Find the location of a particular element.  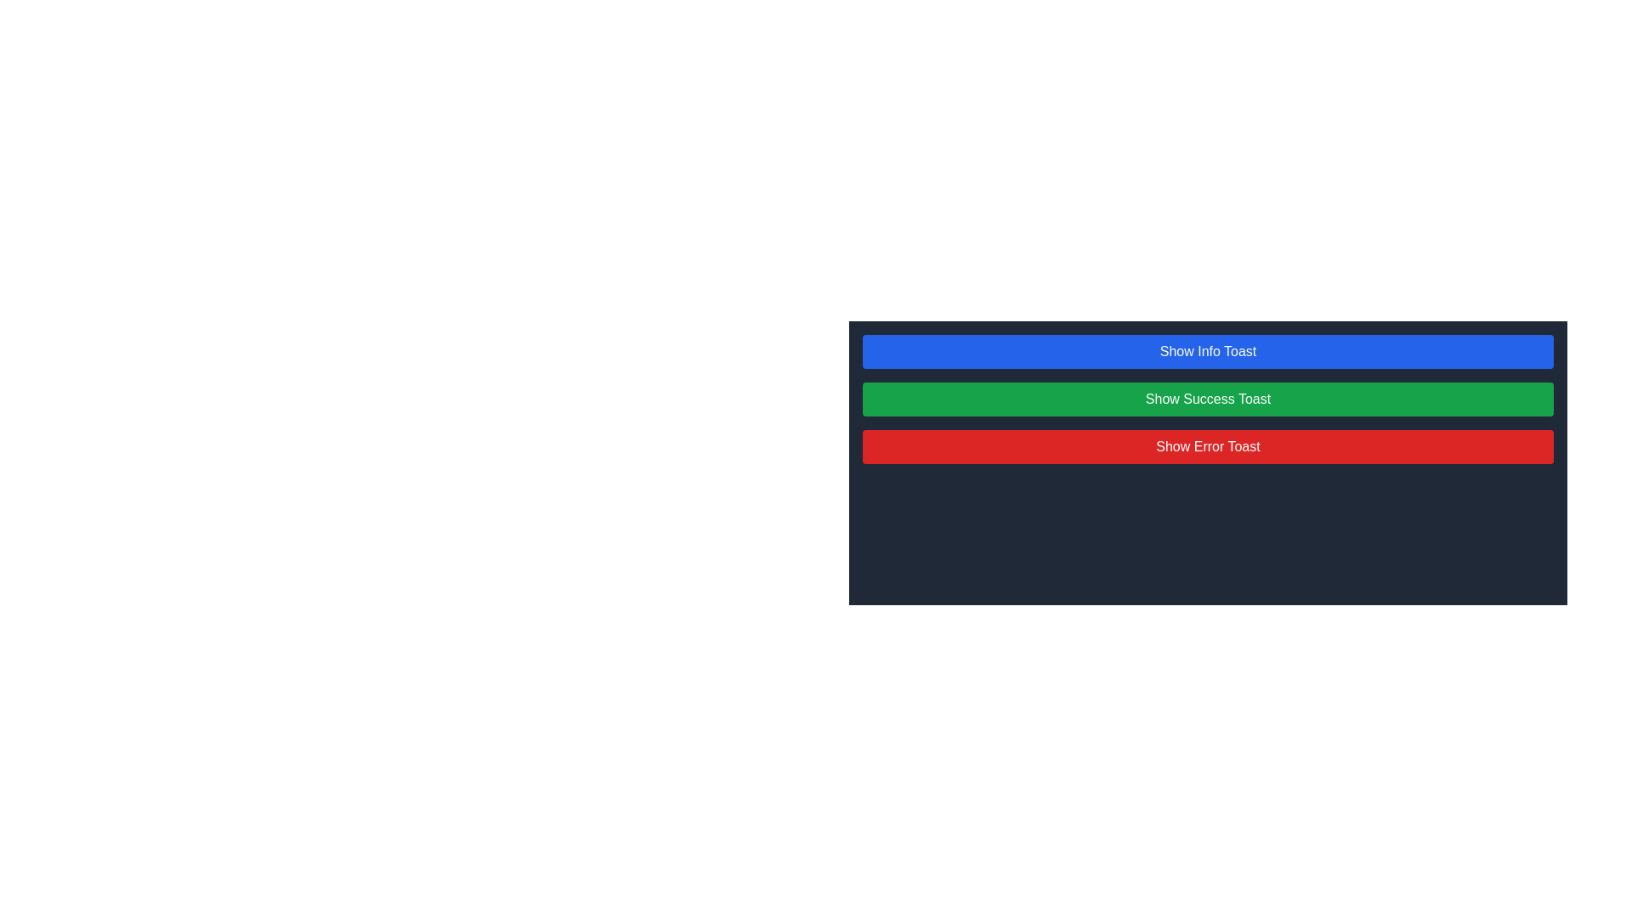

the green button labeled 'Show Success Toast' is located at coordinates (1207, 399).